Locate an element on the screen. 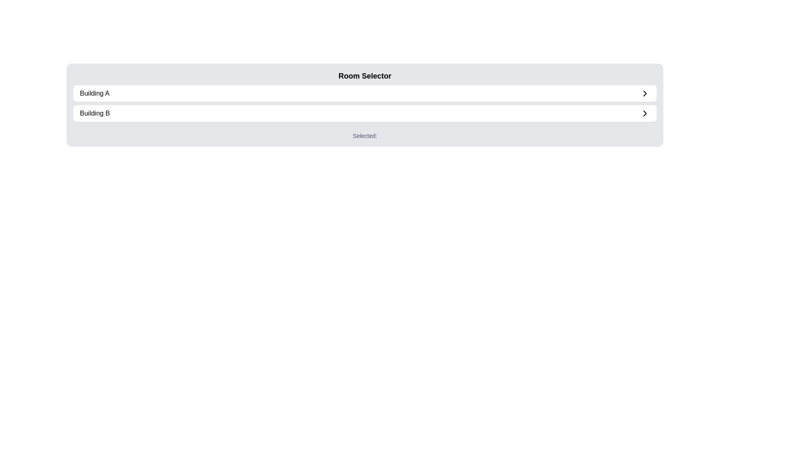  displayed text from the label that shows 'Selected:' located beneath the 'Room Selector' heading is located at coordinates (367, 133).